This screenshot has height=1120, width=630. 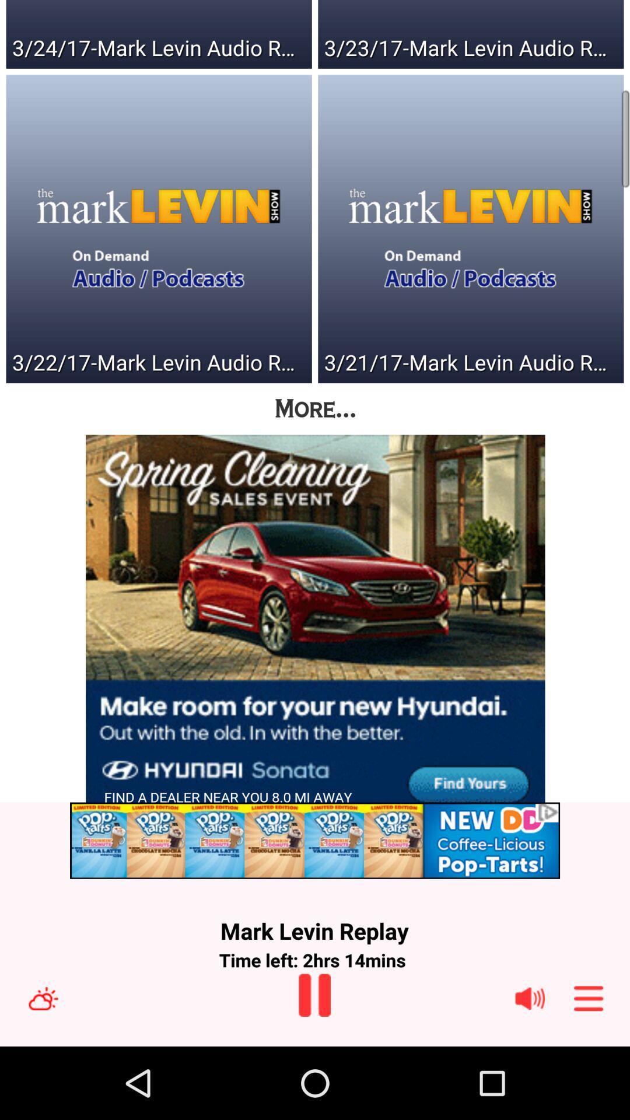 I want to click on advertisement, so click(x=315, y=626).